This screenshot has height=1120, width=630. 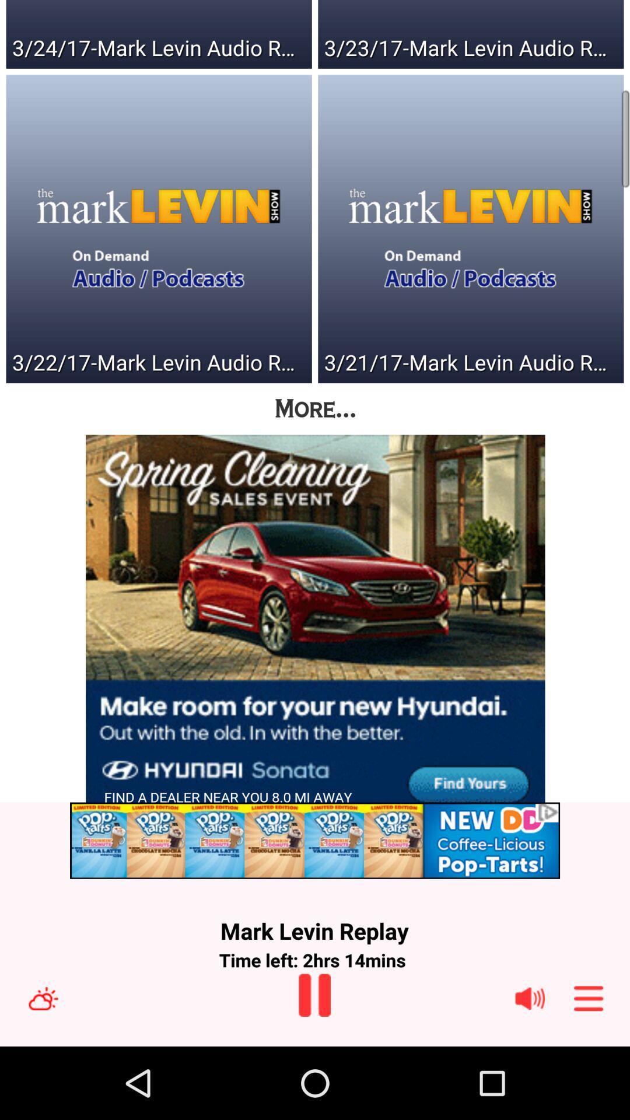 I want to click on advertisement, so click(x=315, y=626).